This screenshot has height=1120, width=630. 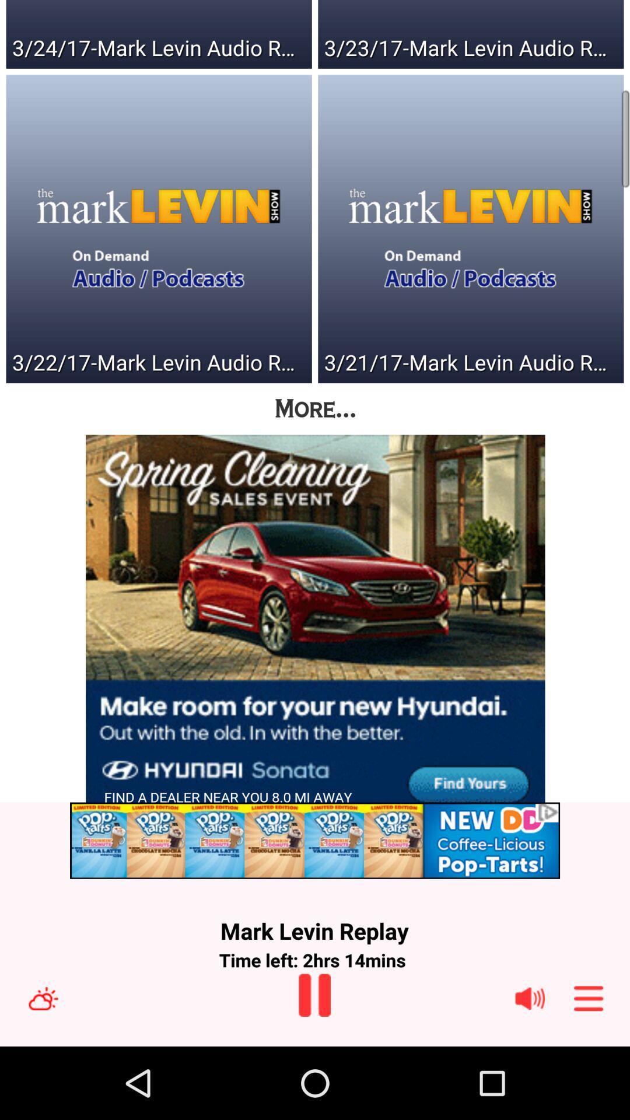 I want to click on advertisement, so click(x=315, y=626).